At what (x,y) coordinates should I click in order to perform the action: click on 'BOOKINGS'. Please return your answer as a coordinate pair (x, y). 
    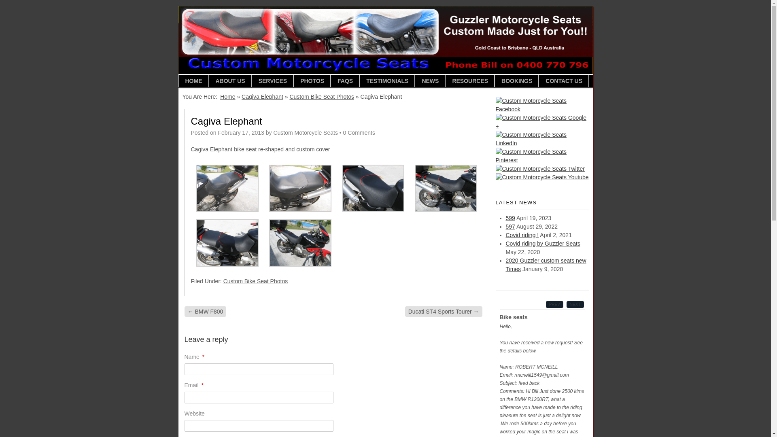
    Looking at the image, I should click on (516, 81).